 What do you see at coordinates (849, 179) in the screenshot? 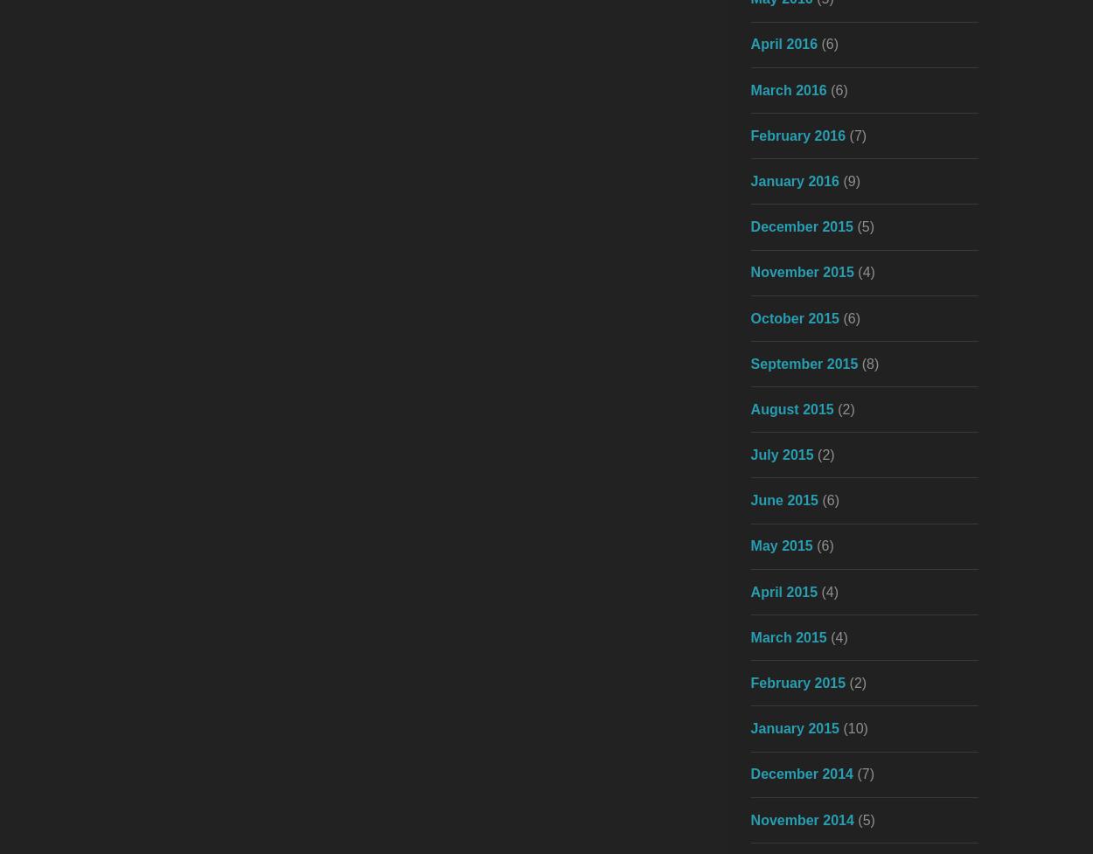
I see `'(9)'` at bounding box center [849, 179].